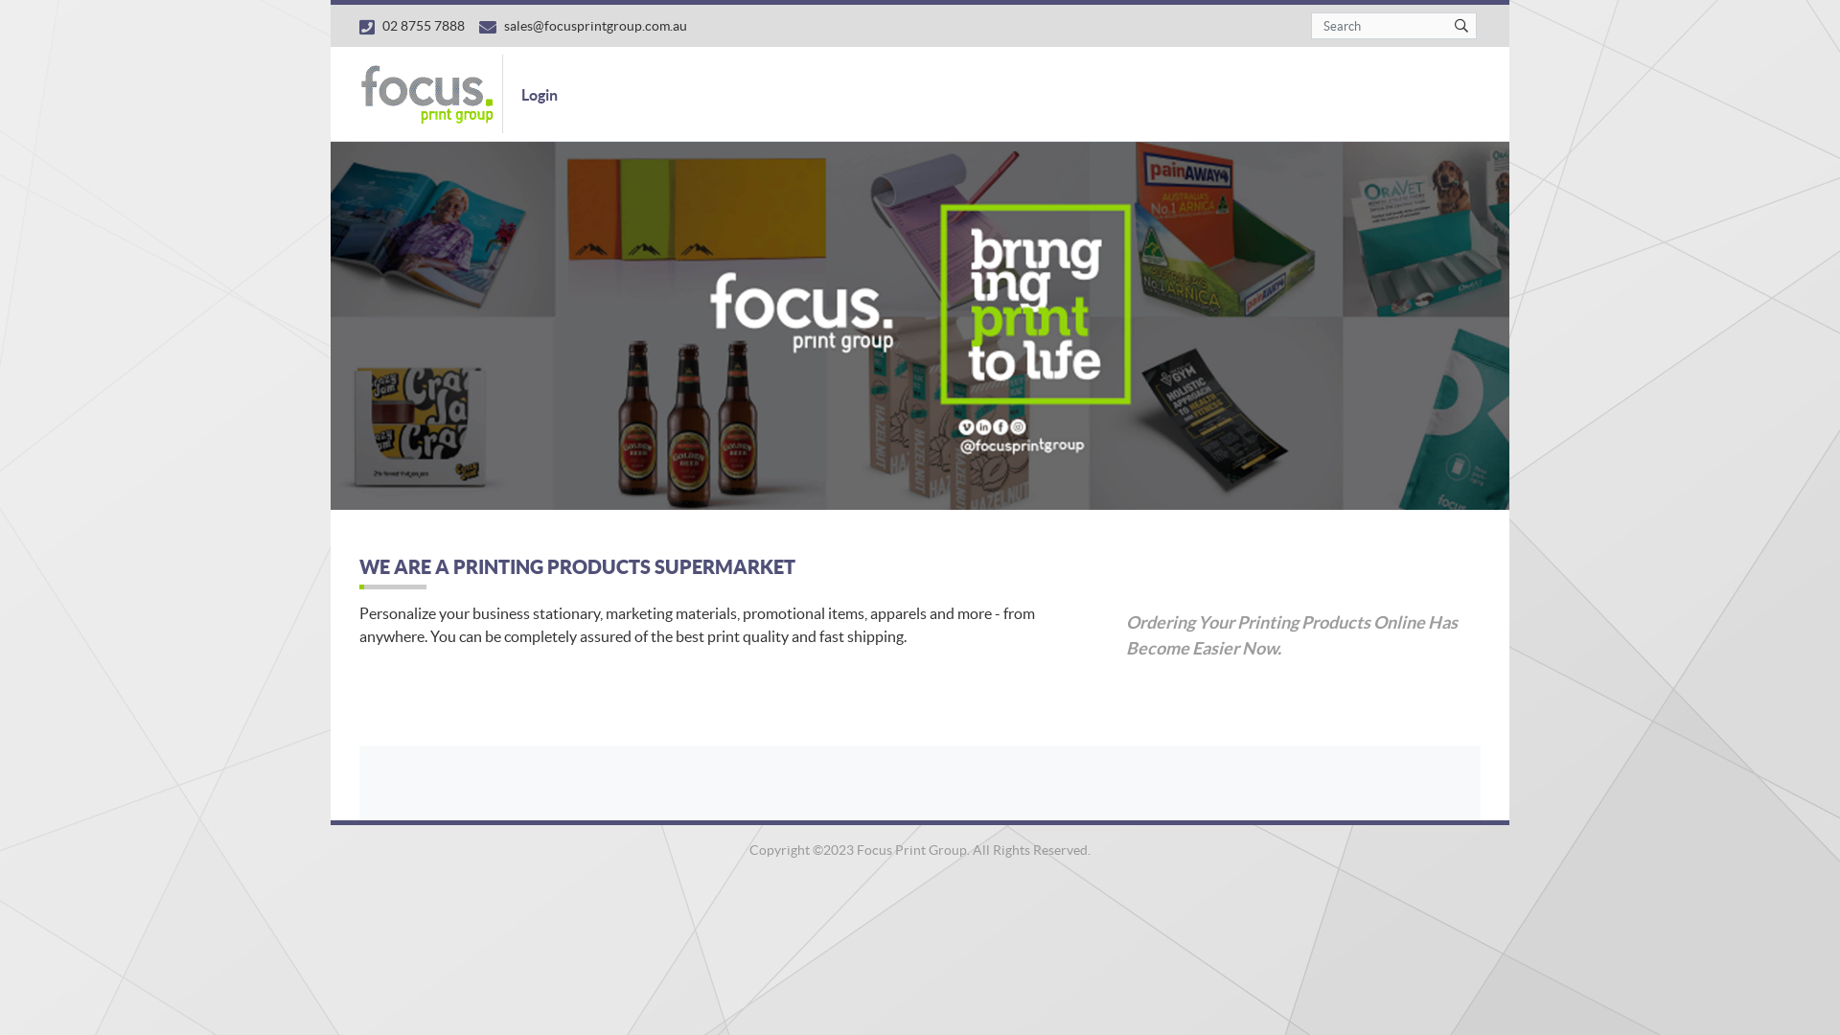 The height and width of the screenshot is (1035, 1840). What do you see at coordinates (920, 324) in the screenshot?
I see `'banner 2'` at bounding box center [920, 324].